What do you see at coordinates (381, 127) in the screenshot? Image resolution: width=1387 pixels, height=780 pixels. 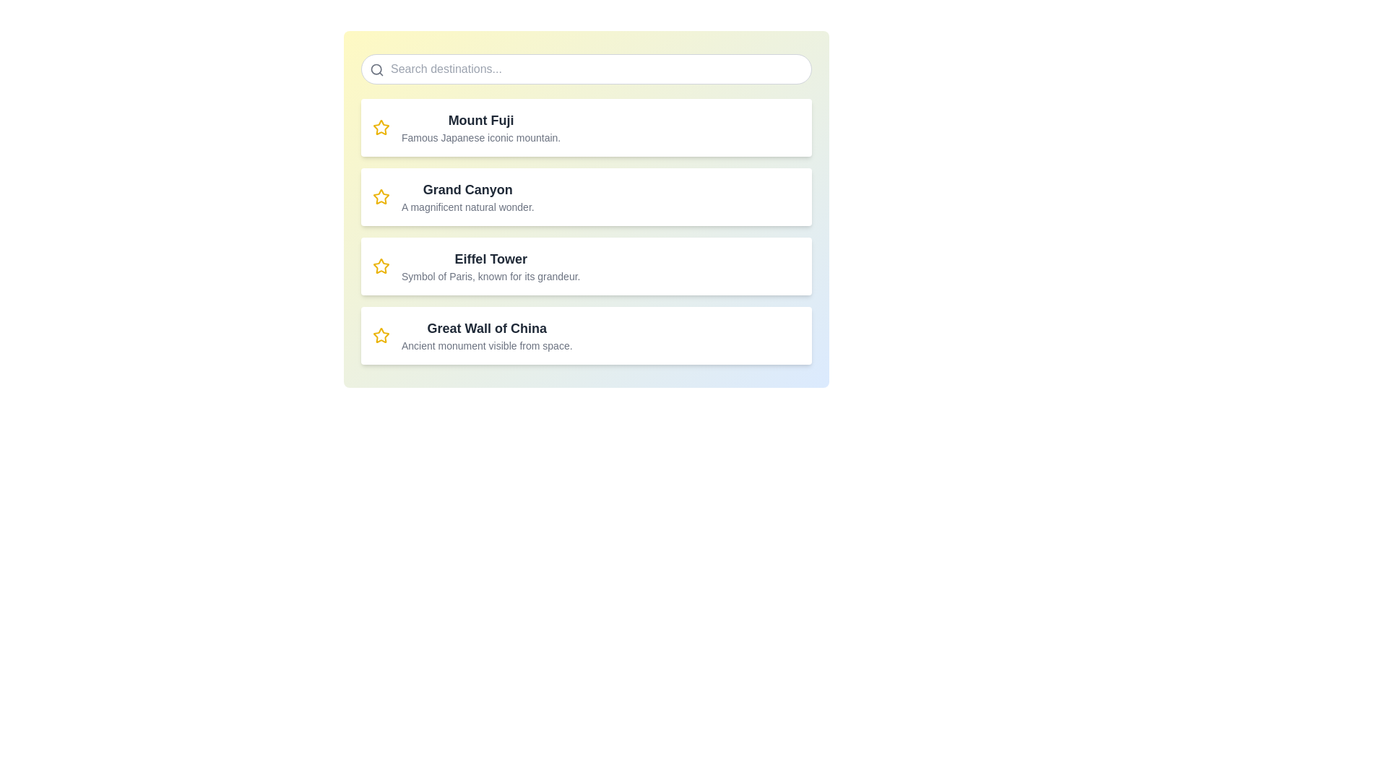 I see `the yellow star icon located on the left side of the content titled 'Mount Fuji' to rate it` at bounding box center [381, 127].